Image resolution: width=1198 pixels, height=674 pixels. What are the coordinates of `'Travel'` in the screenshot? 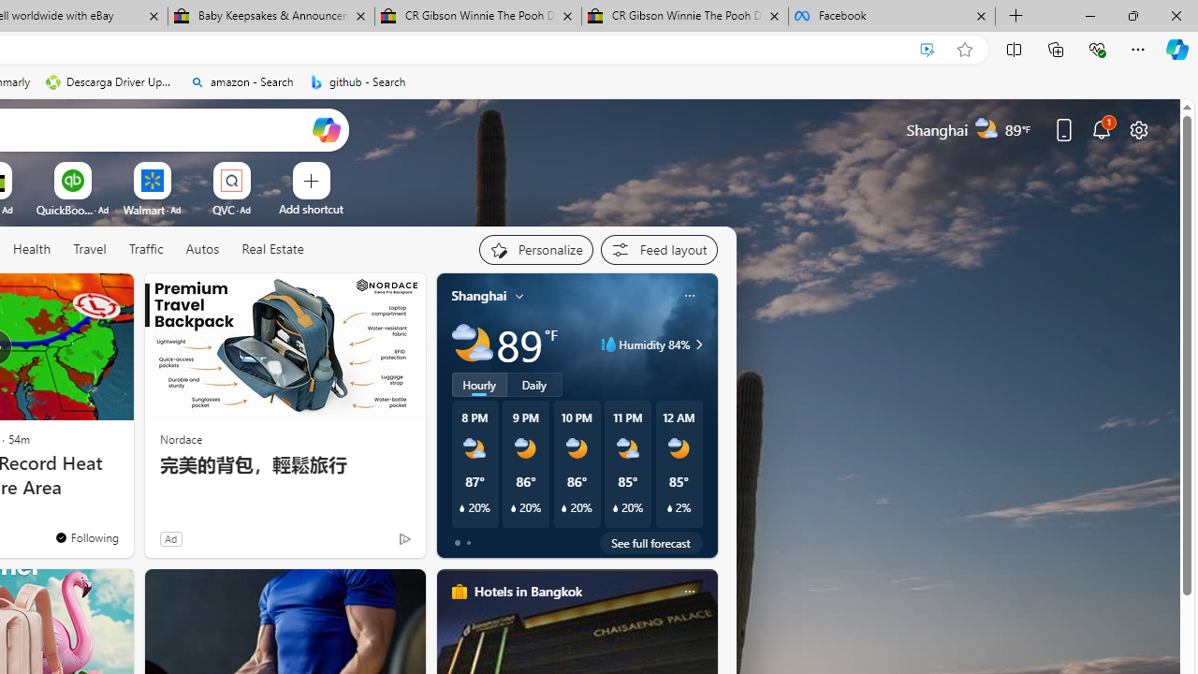 It's located at (89, 249).